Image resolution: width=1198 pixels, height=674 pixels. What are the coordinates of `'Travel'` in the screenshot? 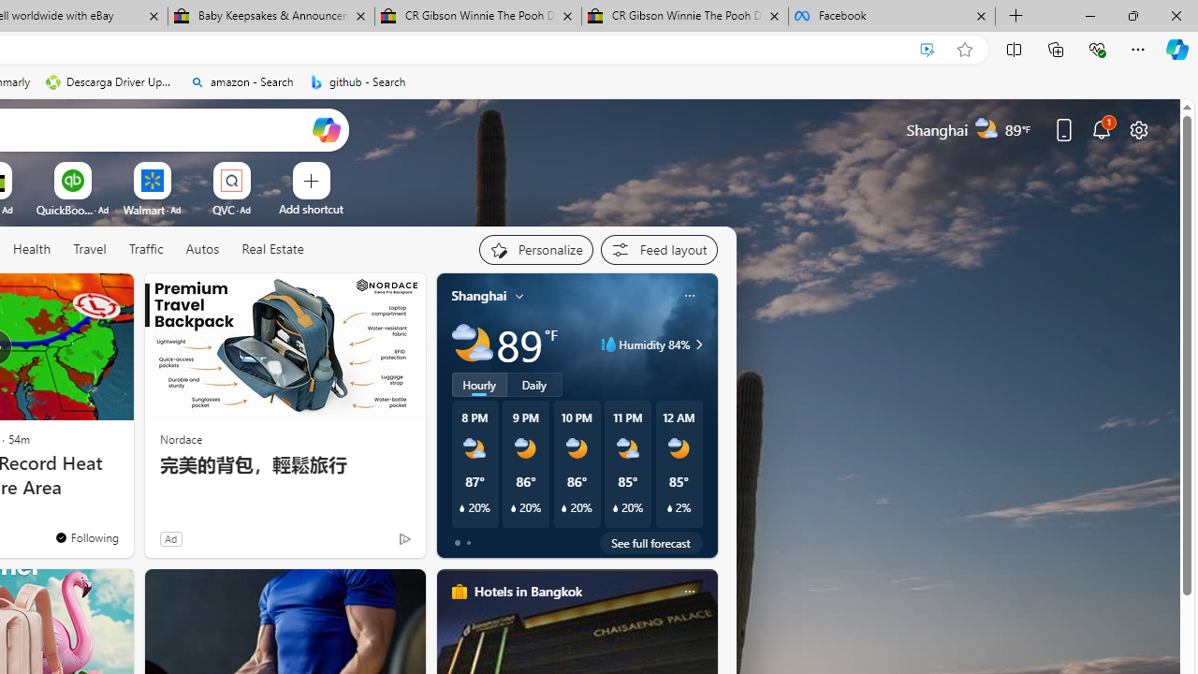 It's located at (89, 249).